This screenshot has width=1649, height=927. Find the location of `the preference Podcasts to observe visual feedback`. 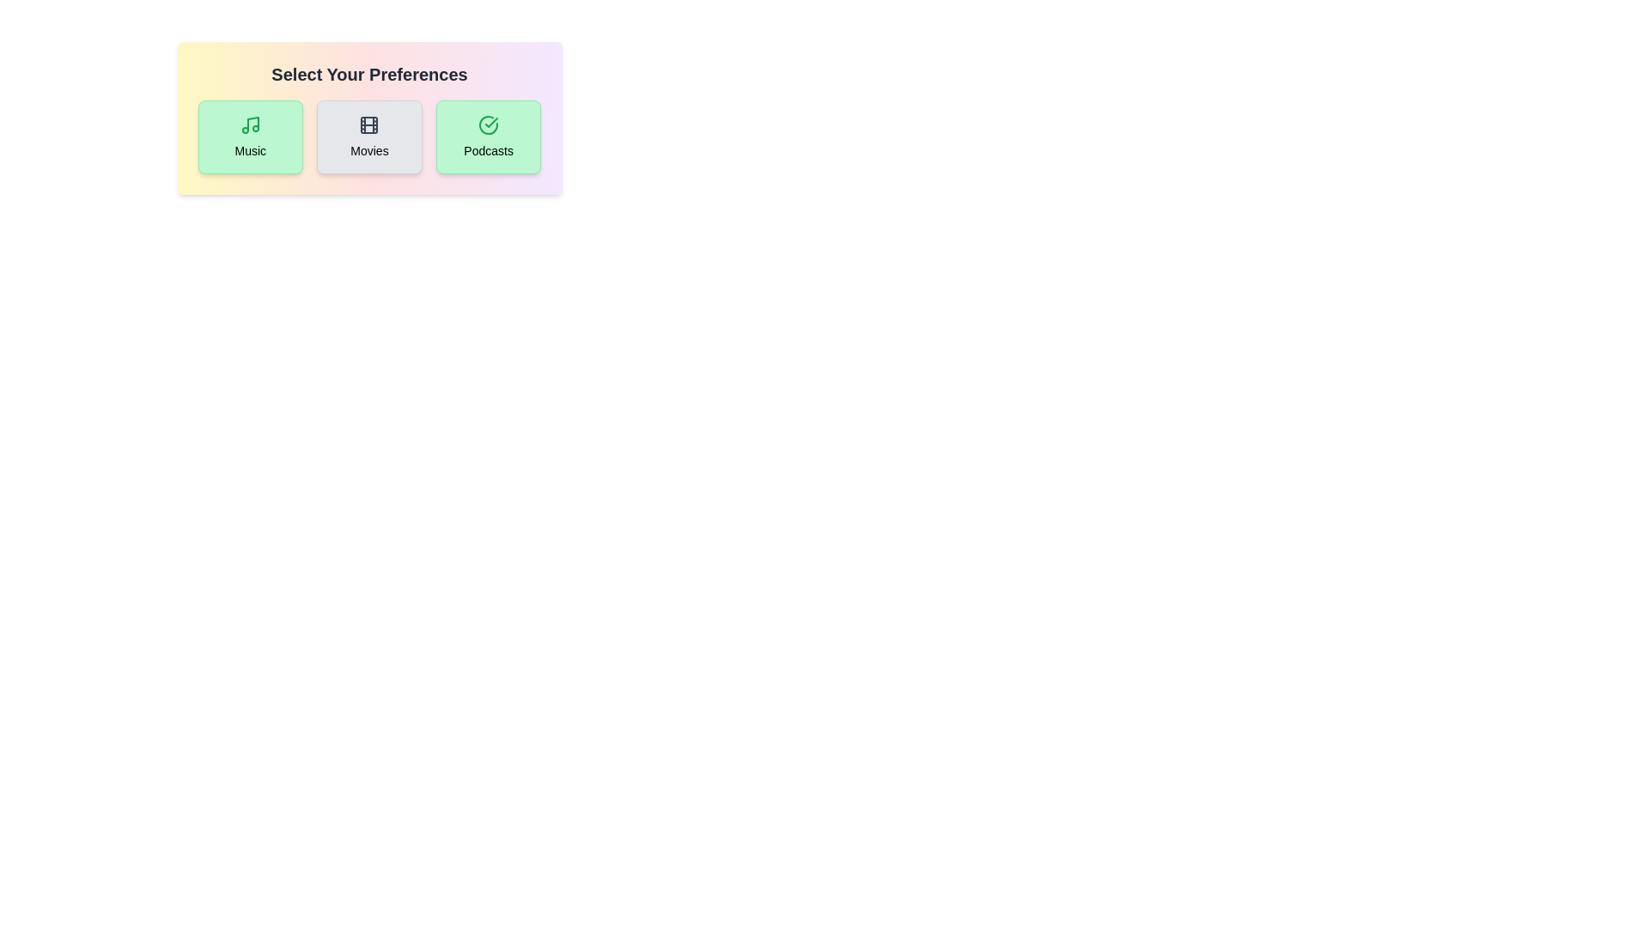

the preference Podcasts to observe visual feedback is located at coordinates (488, 136).